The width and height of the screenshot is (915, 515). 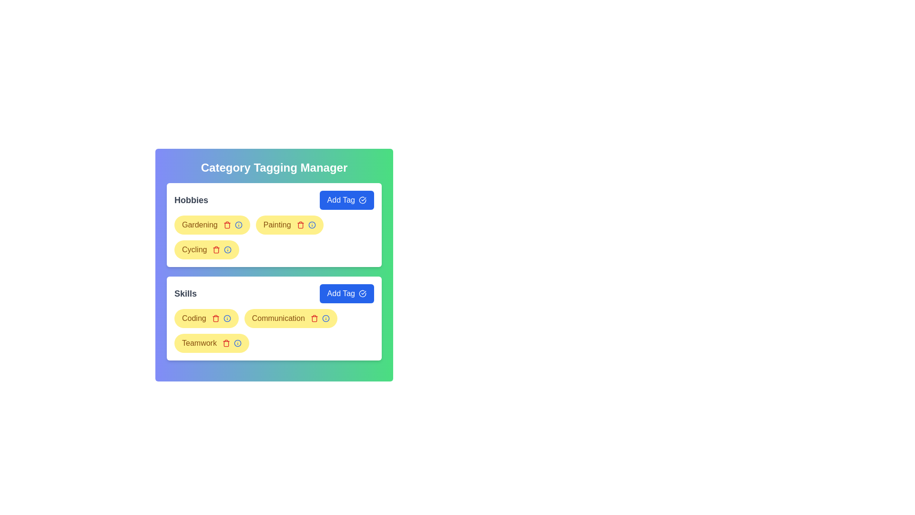 What do you see at coordinates (215, 318) in the screenshot?
I see `the trash icon located immediately to the right of the 'Coding' label in the 'Skills' section` at bounding box center [215, 318].